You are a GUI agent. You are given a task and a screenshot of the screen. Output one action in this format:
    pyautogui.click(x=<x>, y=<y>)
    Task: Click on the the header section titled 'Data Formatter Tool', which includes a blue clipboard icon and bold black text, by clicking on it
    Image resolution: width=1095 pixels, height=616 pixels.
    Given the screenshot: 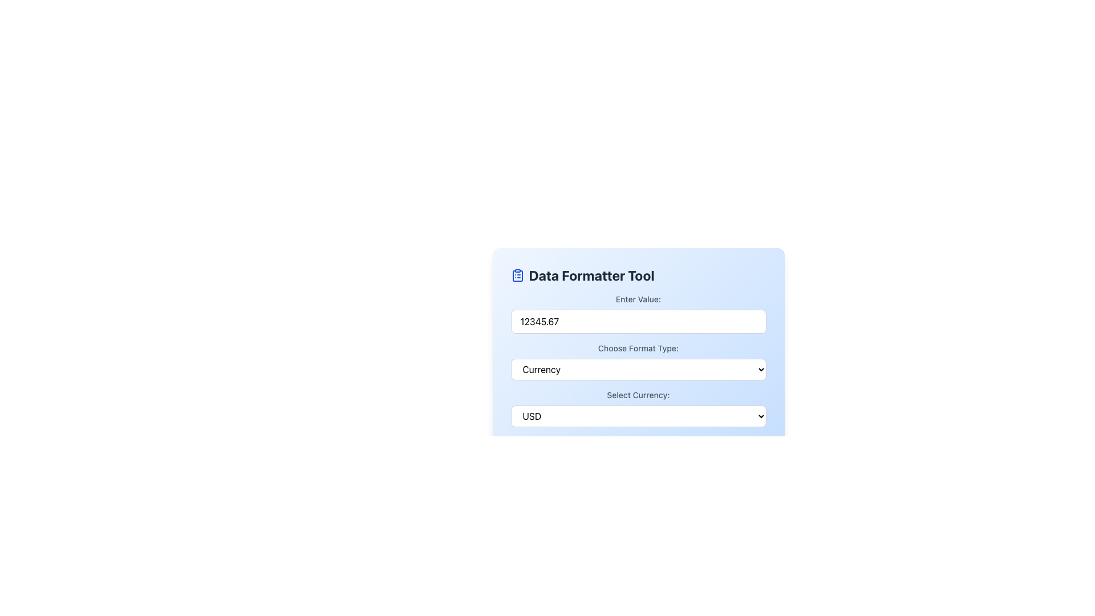 What is the action you would take?
    pyautogui.click(x=638, y=275)
    